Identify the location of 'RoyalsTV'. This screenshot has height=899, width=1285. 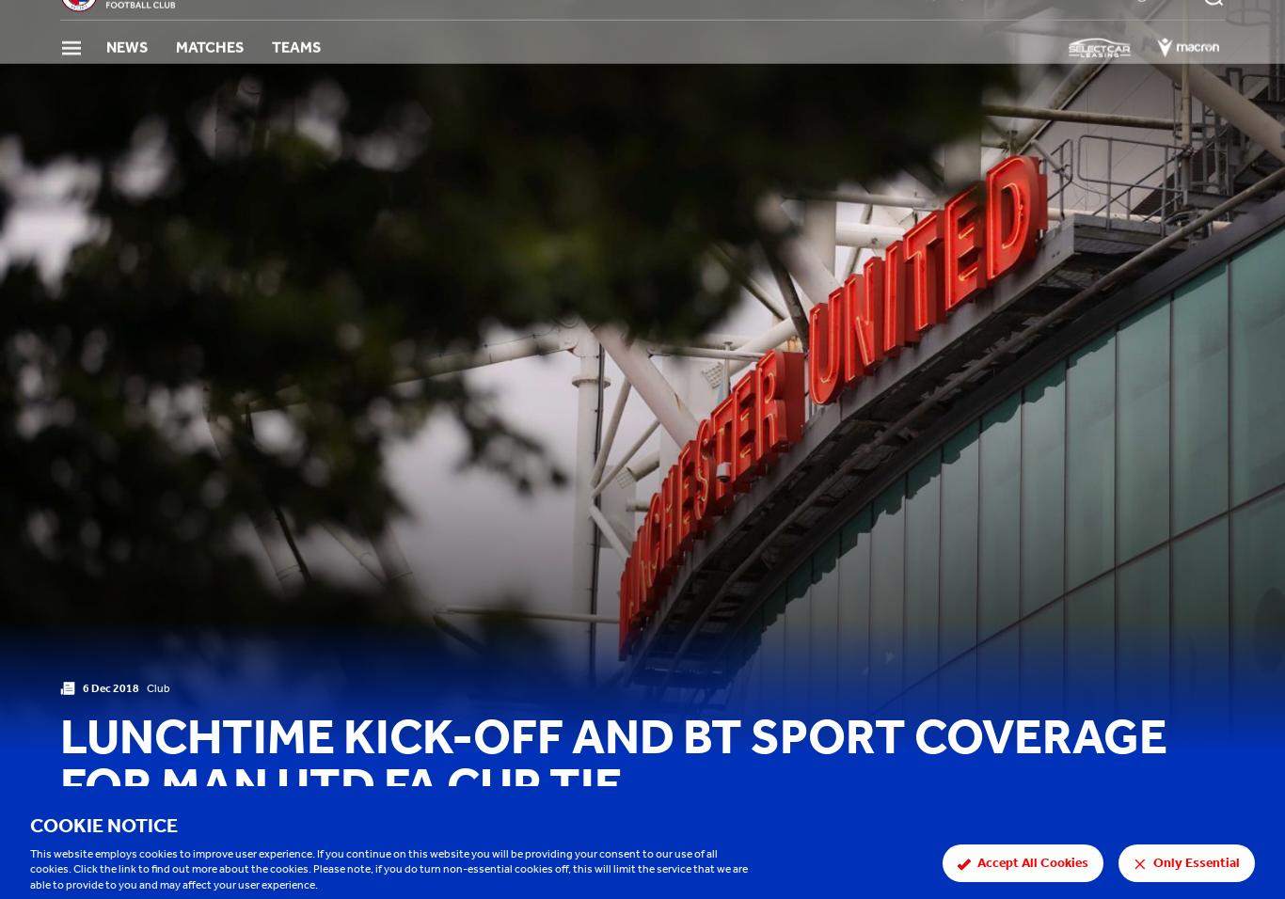
(950, 25).